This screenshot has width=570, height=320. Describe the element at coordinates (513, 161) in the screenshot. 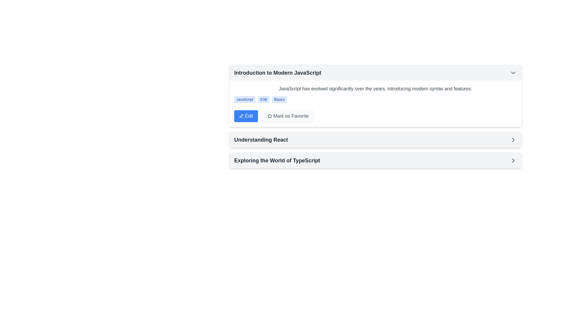

I see `the navigational icon located on the far right of the 'Exploring the World of TypeScript' section` at that location.